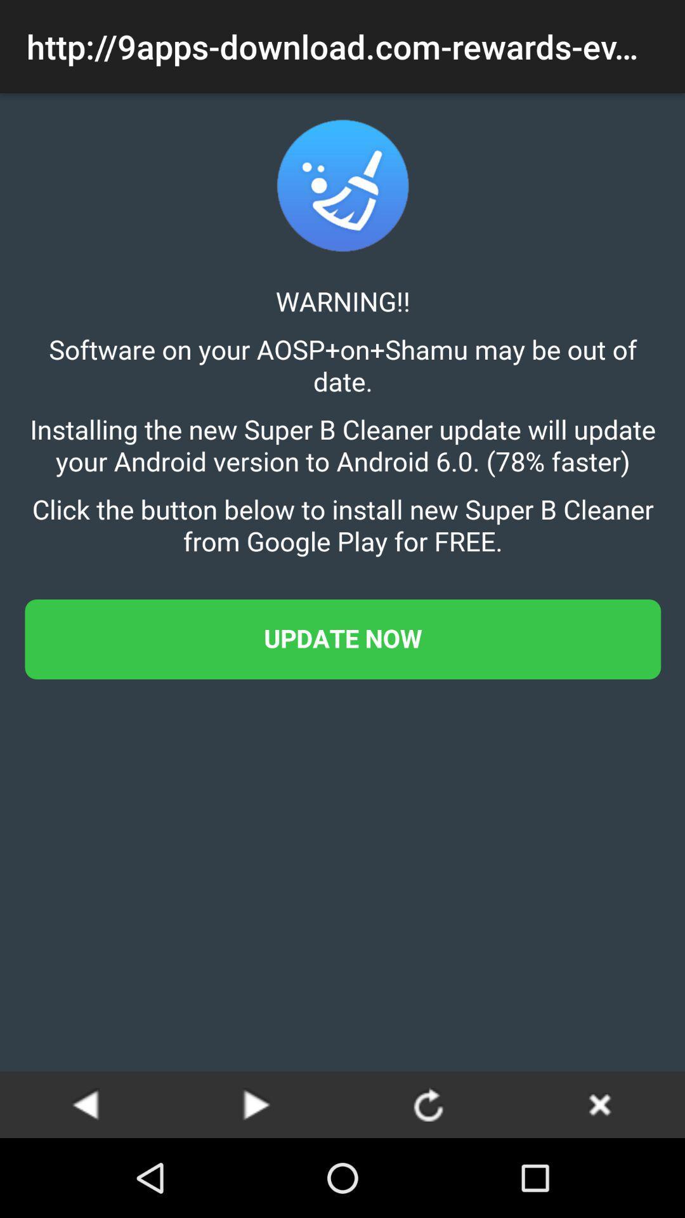 This screenshot has width=685, height=1218. What do you see at coordinates (257, 1104) in the screenshot?
I see `next` at bounding box center [257, 1104].